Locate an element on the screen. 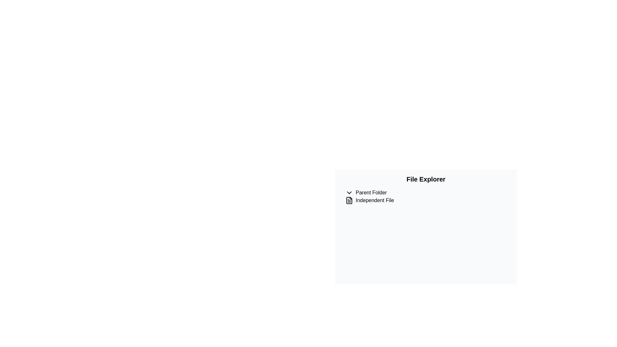  the text label displaying 'Independent File' which is next to a file icon in the file explorer interface is located at coordinates (375, 200).